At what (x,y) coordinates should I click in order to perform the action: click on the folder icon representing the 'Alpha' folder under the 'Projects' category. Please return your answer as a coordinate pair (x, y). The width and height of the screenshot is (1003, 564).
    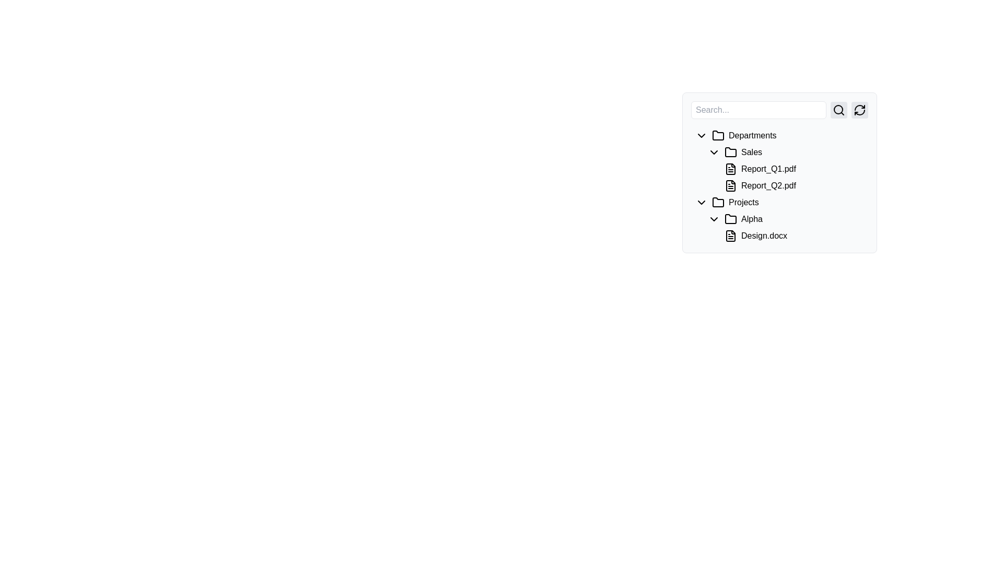
    Looking at the image, I should click on (730, 218).